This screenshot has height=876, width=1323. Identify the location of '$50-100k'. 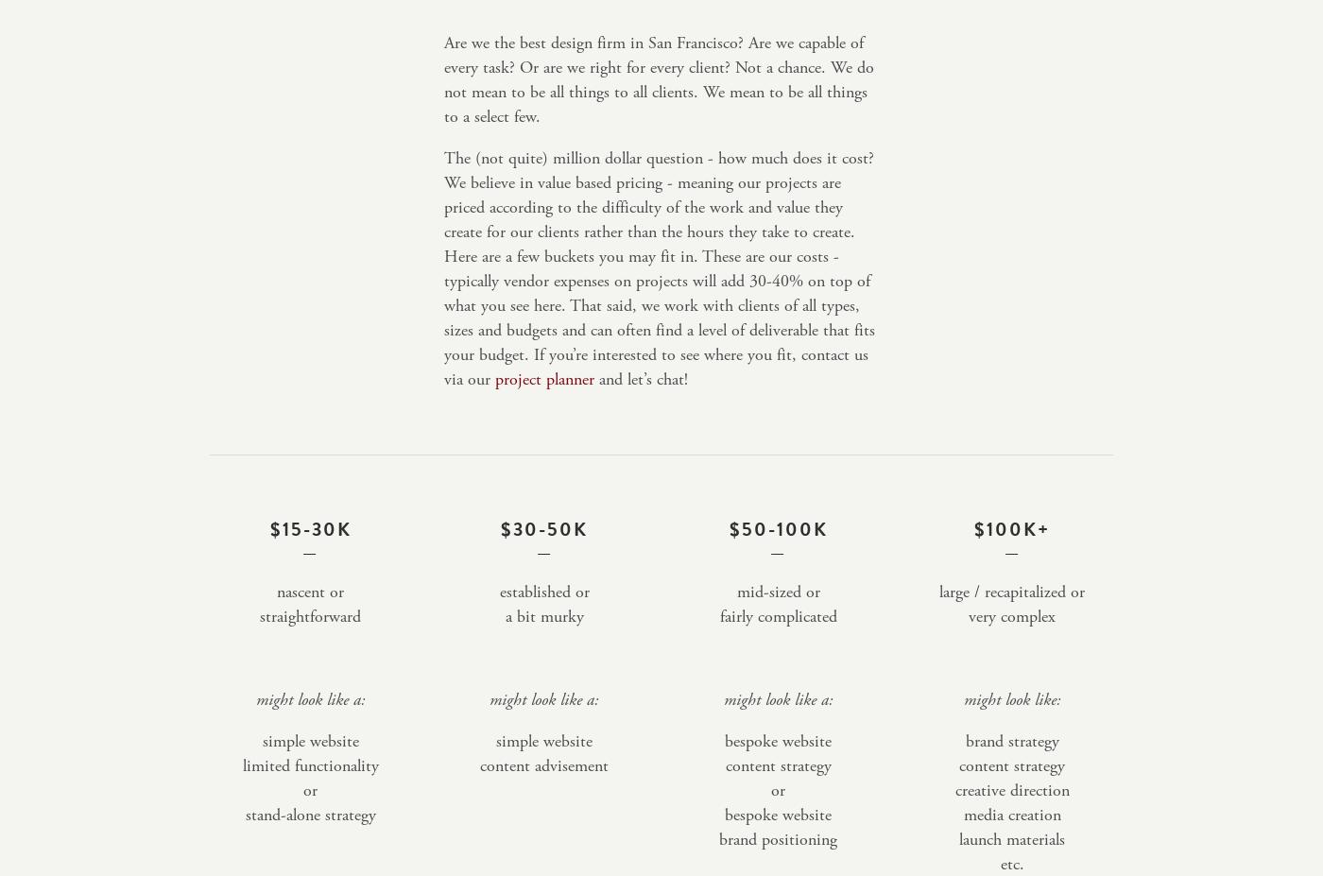
(778, 529).